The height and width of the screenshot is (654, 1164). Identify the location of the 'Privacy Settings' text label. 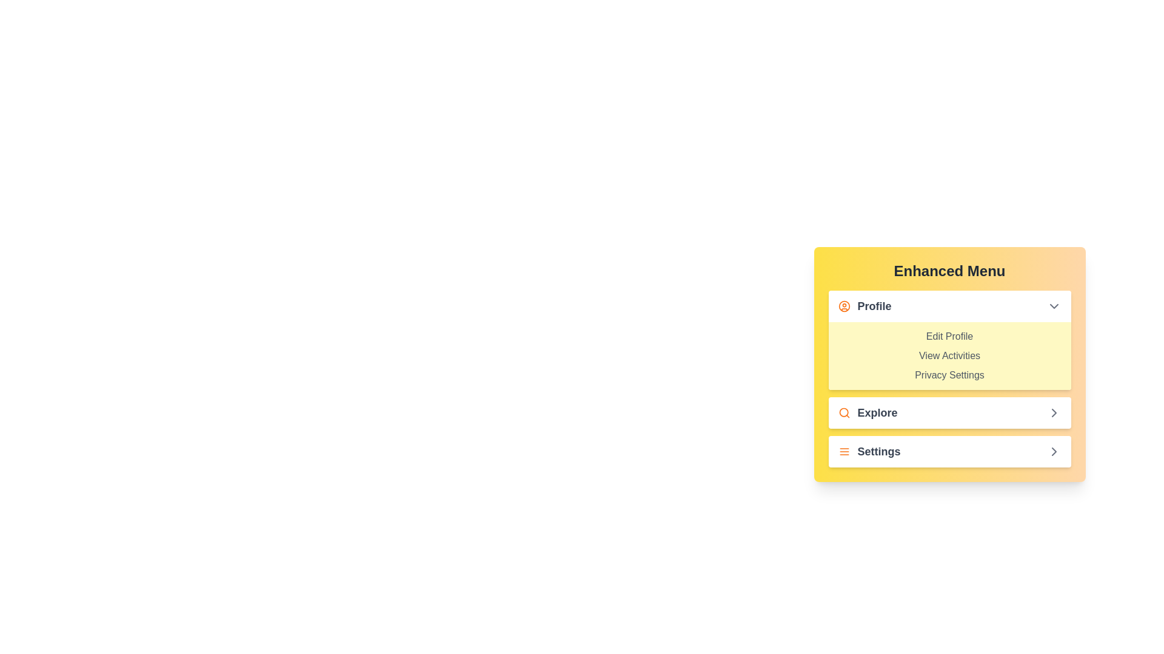
(949, 375).